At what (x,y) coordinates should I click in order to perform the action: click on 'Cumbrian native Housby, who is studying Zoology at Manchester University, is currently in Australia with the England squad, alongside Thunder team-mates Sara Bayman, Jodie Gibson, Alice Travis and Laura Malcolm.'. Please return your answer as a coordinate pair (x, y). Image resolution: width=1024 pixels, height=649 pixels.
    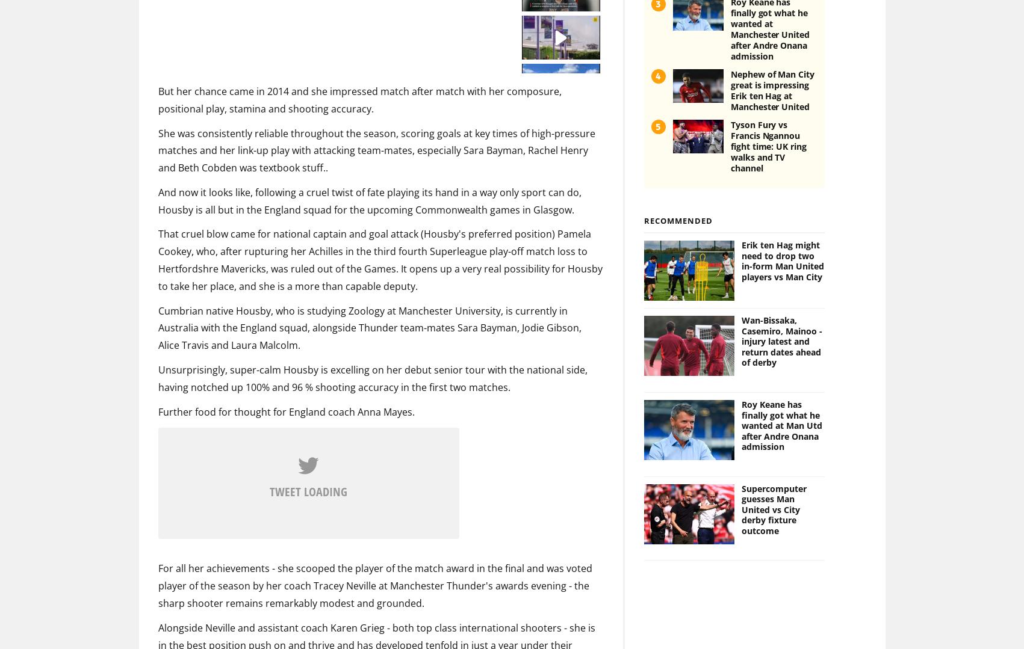
    Looking at the image, I should click on (368, 307).